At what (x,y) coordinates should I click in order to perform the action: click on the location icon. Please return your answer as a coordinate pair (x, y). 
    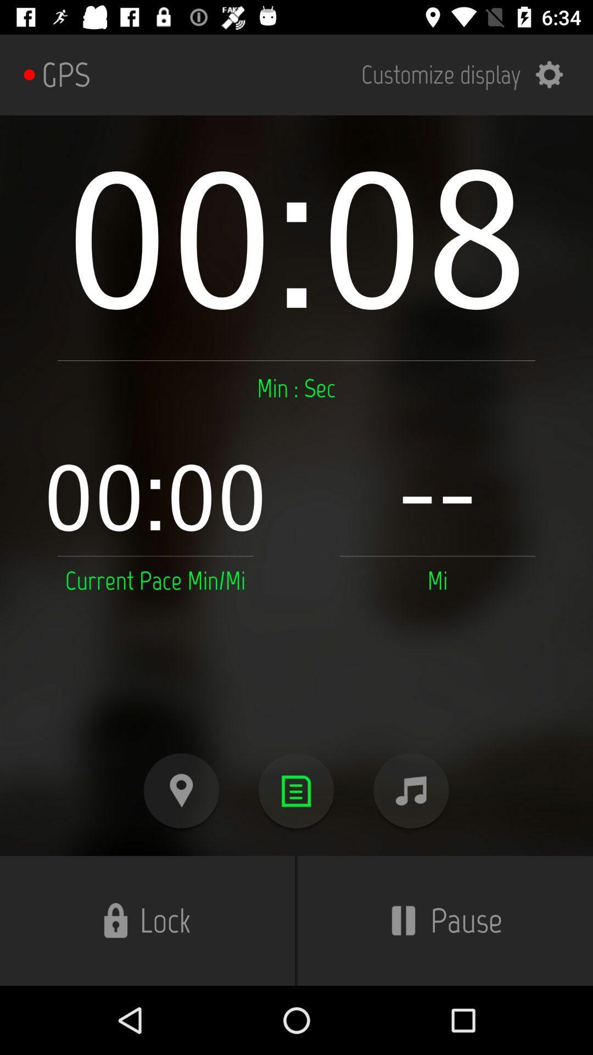
    Looking at the image, I should click on (181, 790).